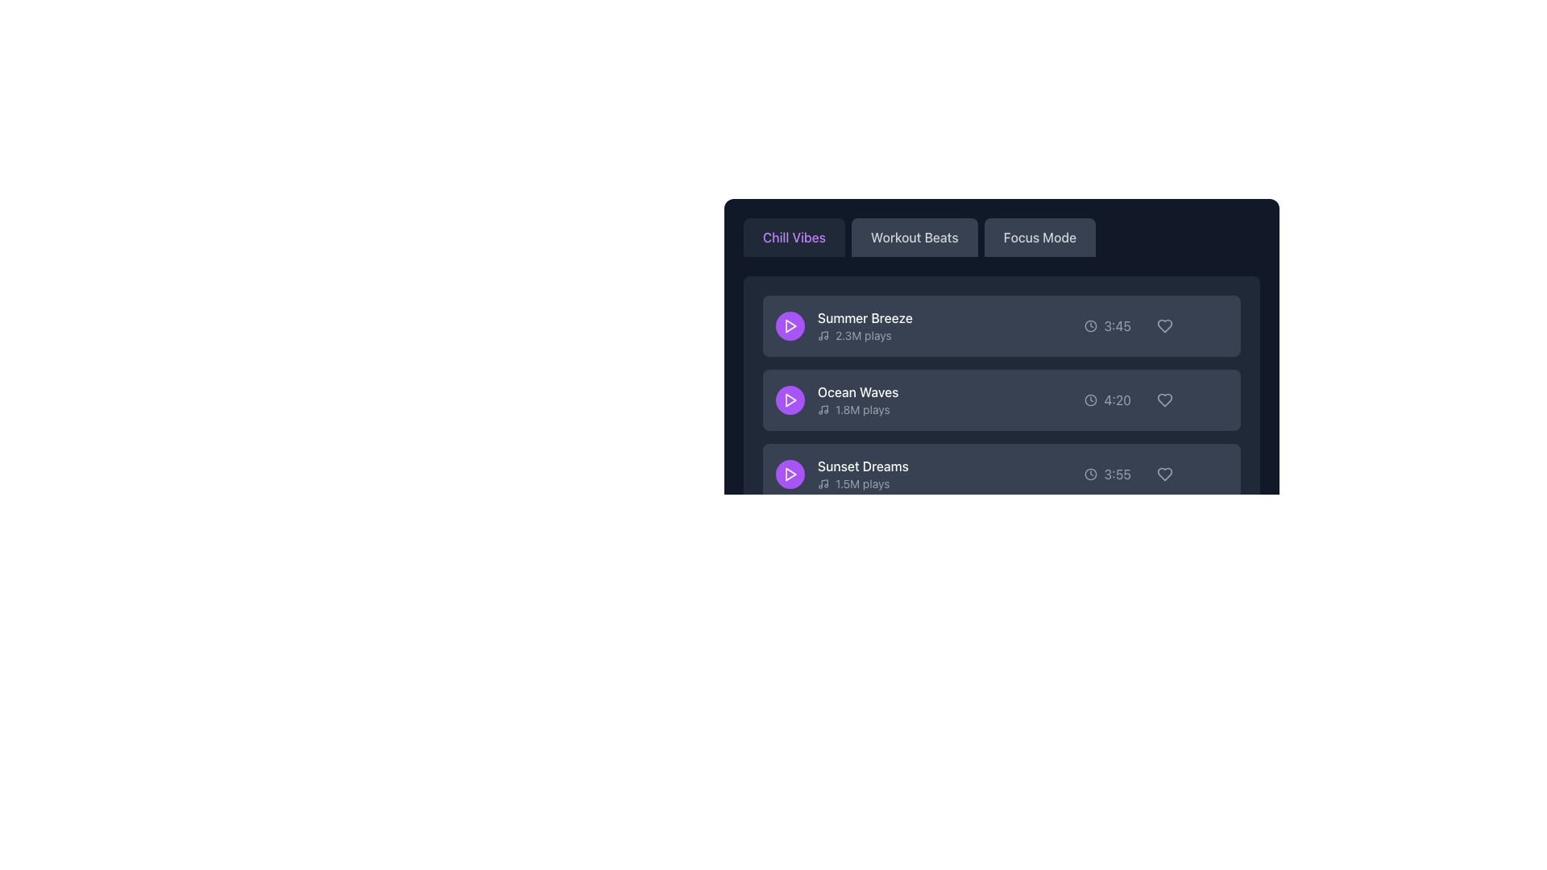 The image size is (1547, 870). What do you see at coordinates (1091, 400) in the screenshot?
I see `the circular clock icon located to the left of the time label '4:20', which is styled in light gray and indicates the duration of a playlist item` at bounding box center [1091, 400].